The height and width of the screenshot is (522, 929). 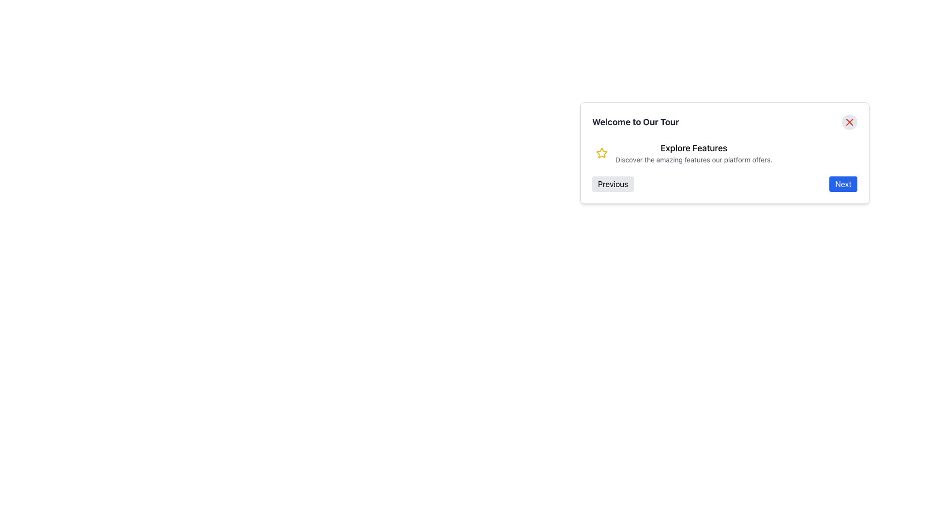 I want to click on the circular button with a light-gray background and a red 'X' icon, located at the top-right corner of the 'Welcome to Our Tour' dialog box, so click(x=849, y=122).